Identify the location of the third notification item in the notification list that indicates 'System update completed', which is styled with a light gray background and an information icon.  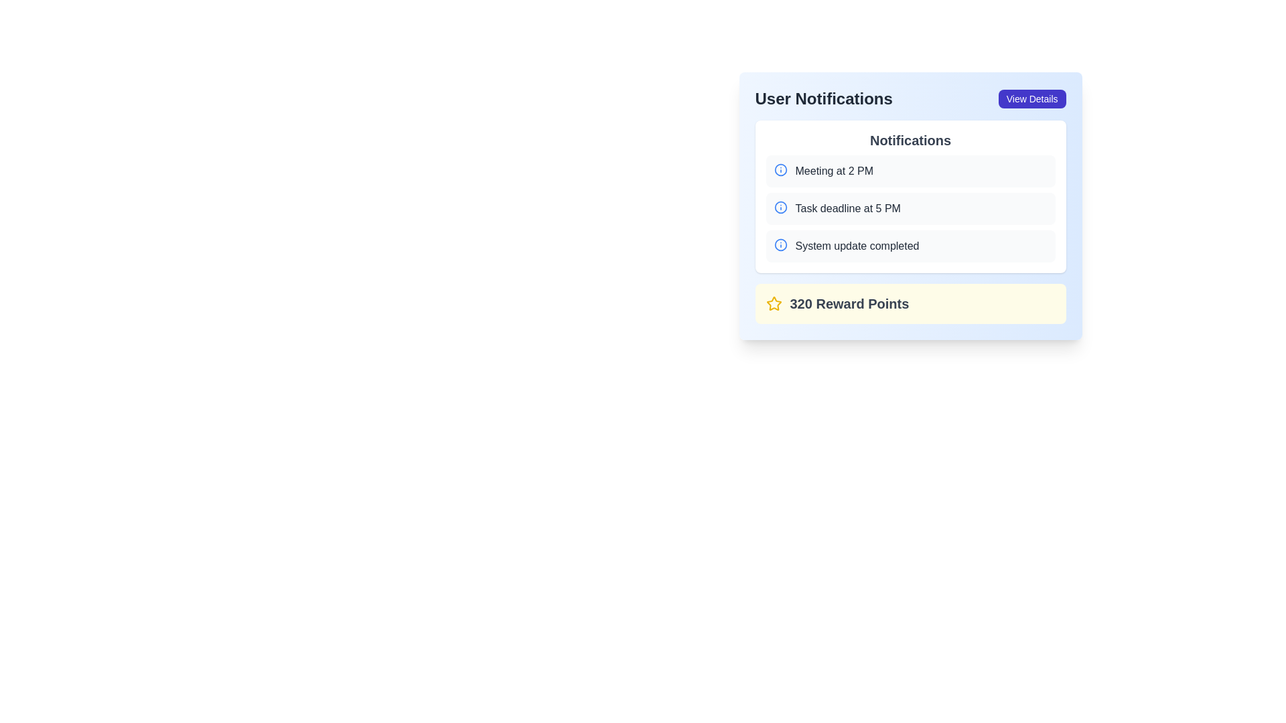
(910, 246).